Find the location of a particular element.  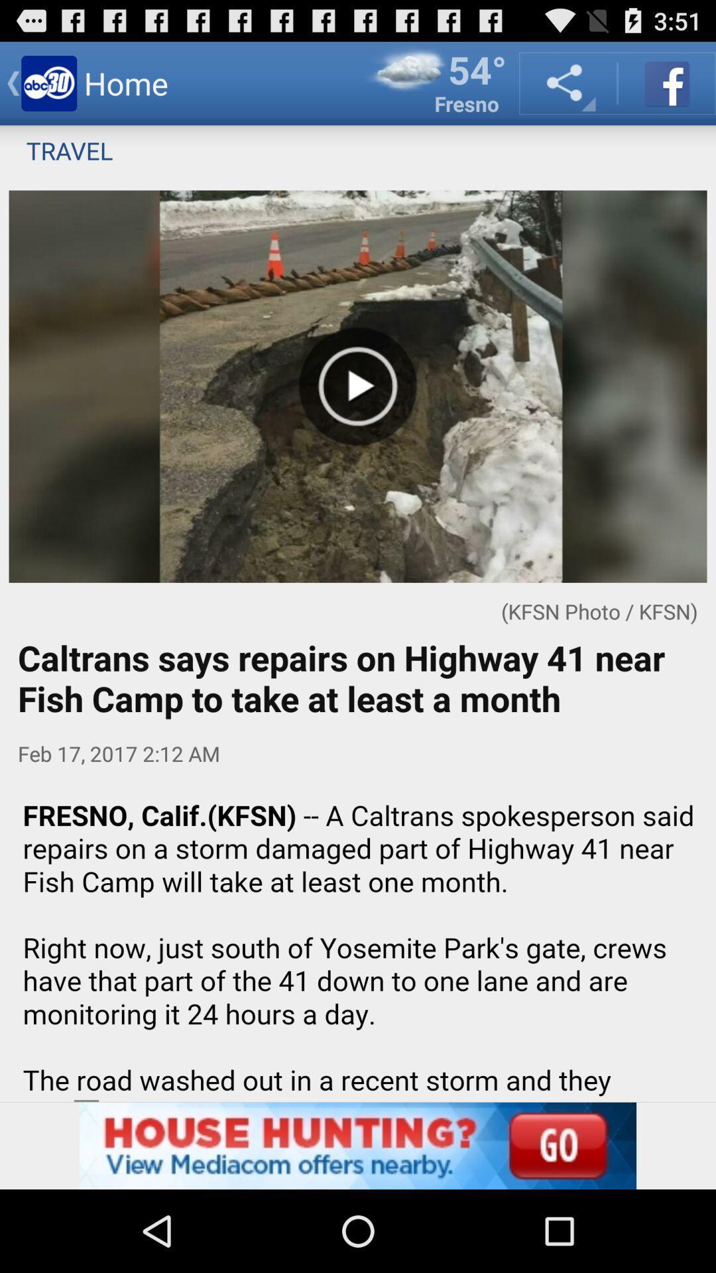

advertisement page is located at coordinates (358, 1145).